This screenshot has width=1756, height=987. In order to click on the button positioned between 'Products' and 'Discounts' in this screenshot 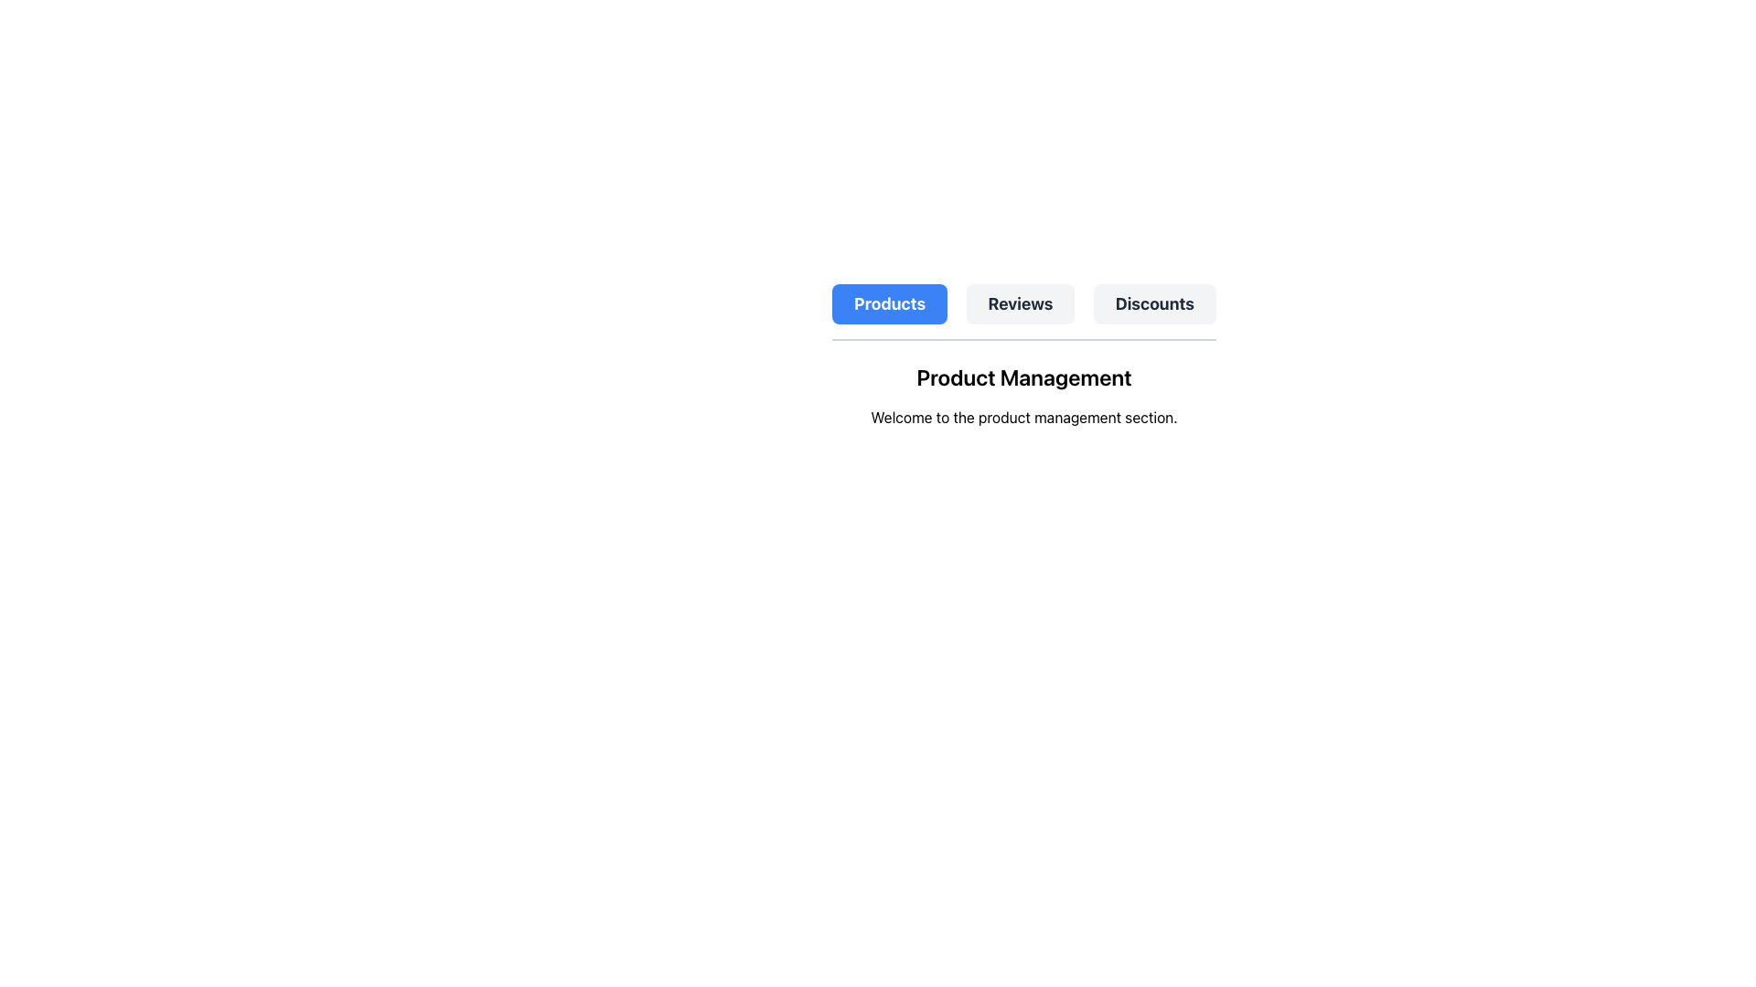, I will do `click(1019, 302)`.